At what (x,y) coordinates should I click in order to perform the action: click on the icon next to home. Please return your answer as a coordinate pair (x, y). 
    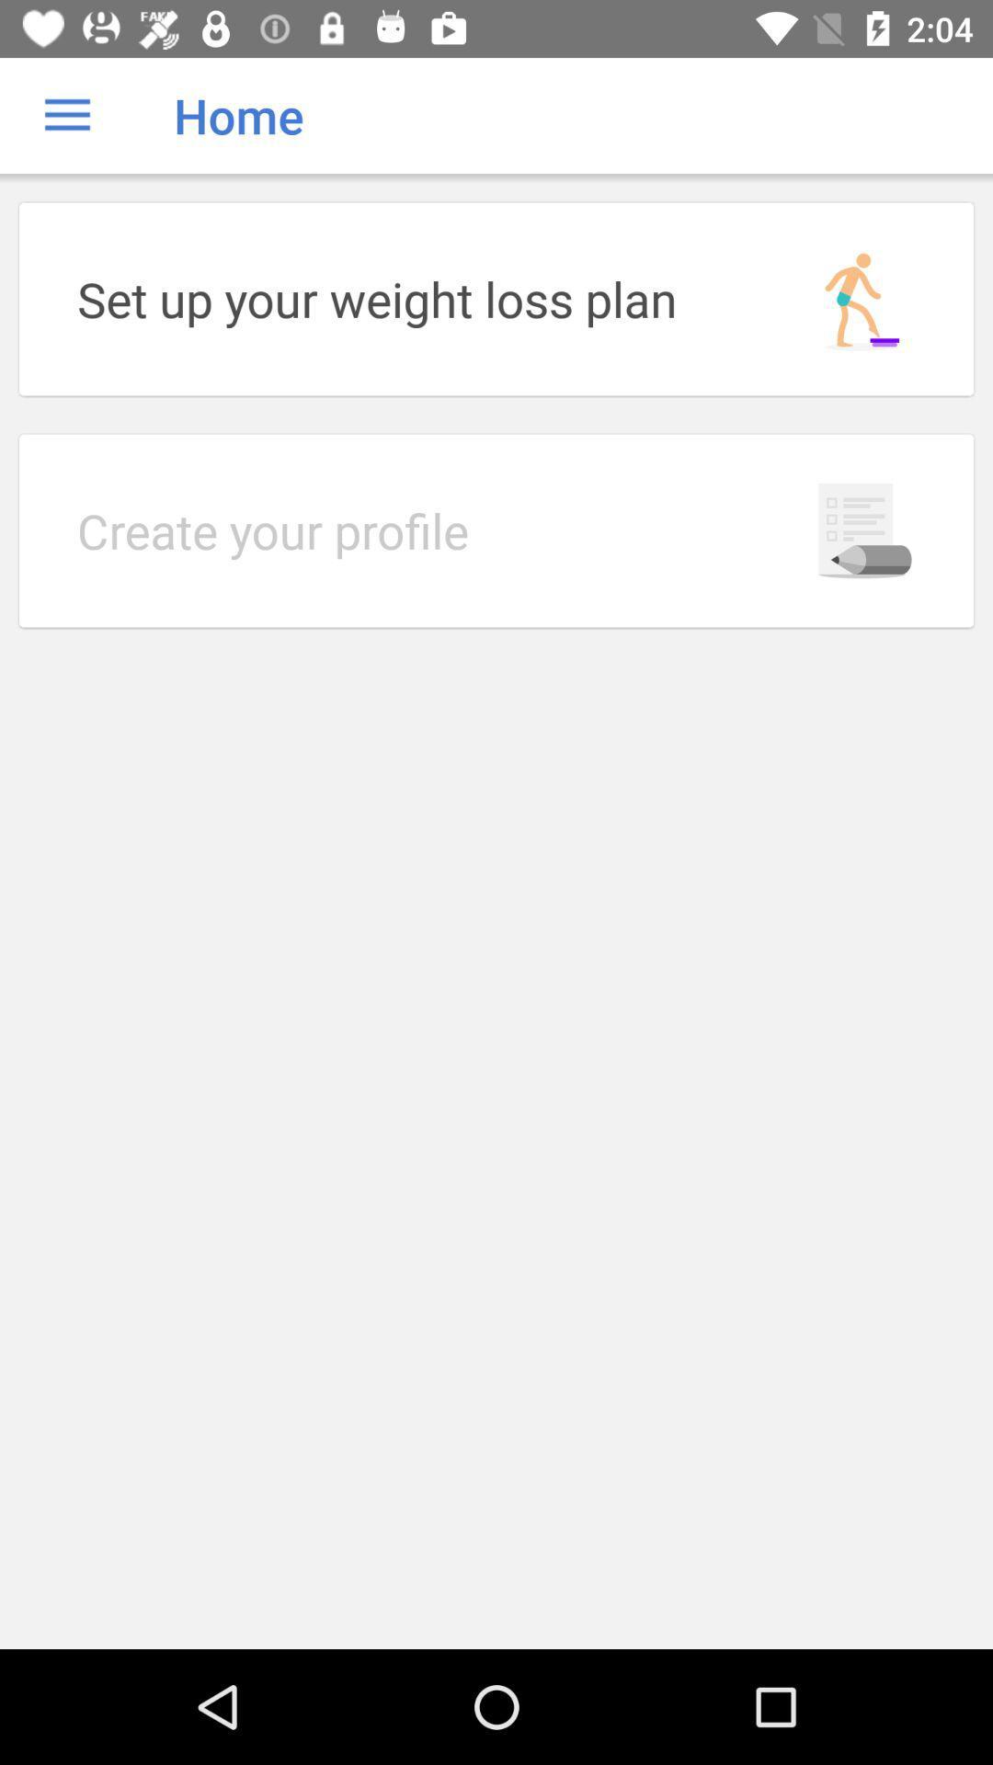
    Looking at the image, I should click on (66, 114).